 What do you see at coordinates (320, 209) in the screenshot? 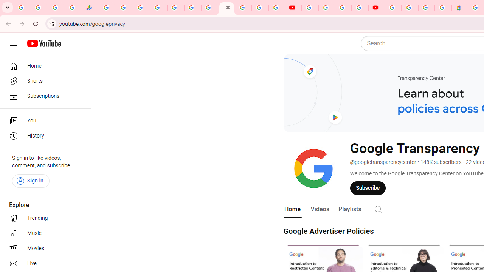
I see `'Videos'` at bounding box center [320, 209].